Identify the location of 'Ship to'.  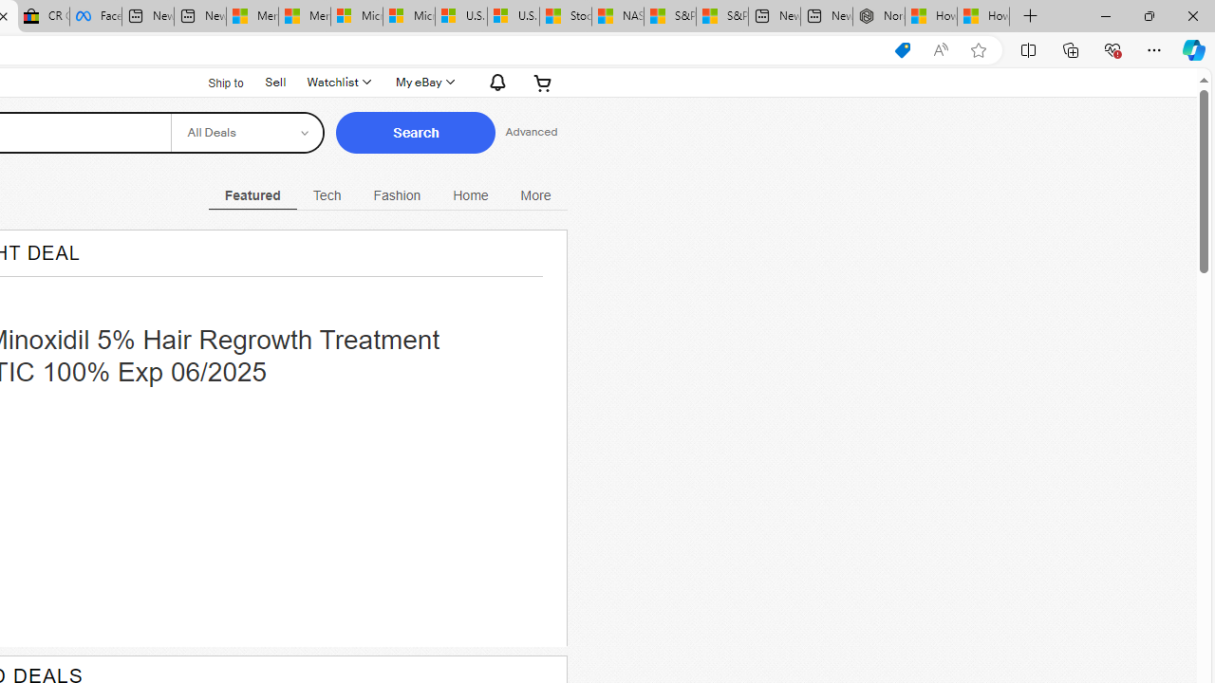
(214, 82).